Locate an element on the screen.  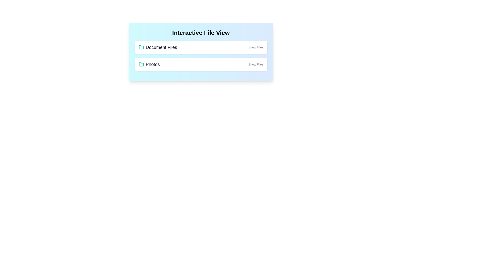
the 'Show Files' button for the folder titled 'Document Files' is located at coordinates (256, 47).